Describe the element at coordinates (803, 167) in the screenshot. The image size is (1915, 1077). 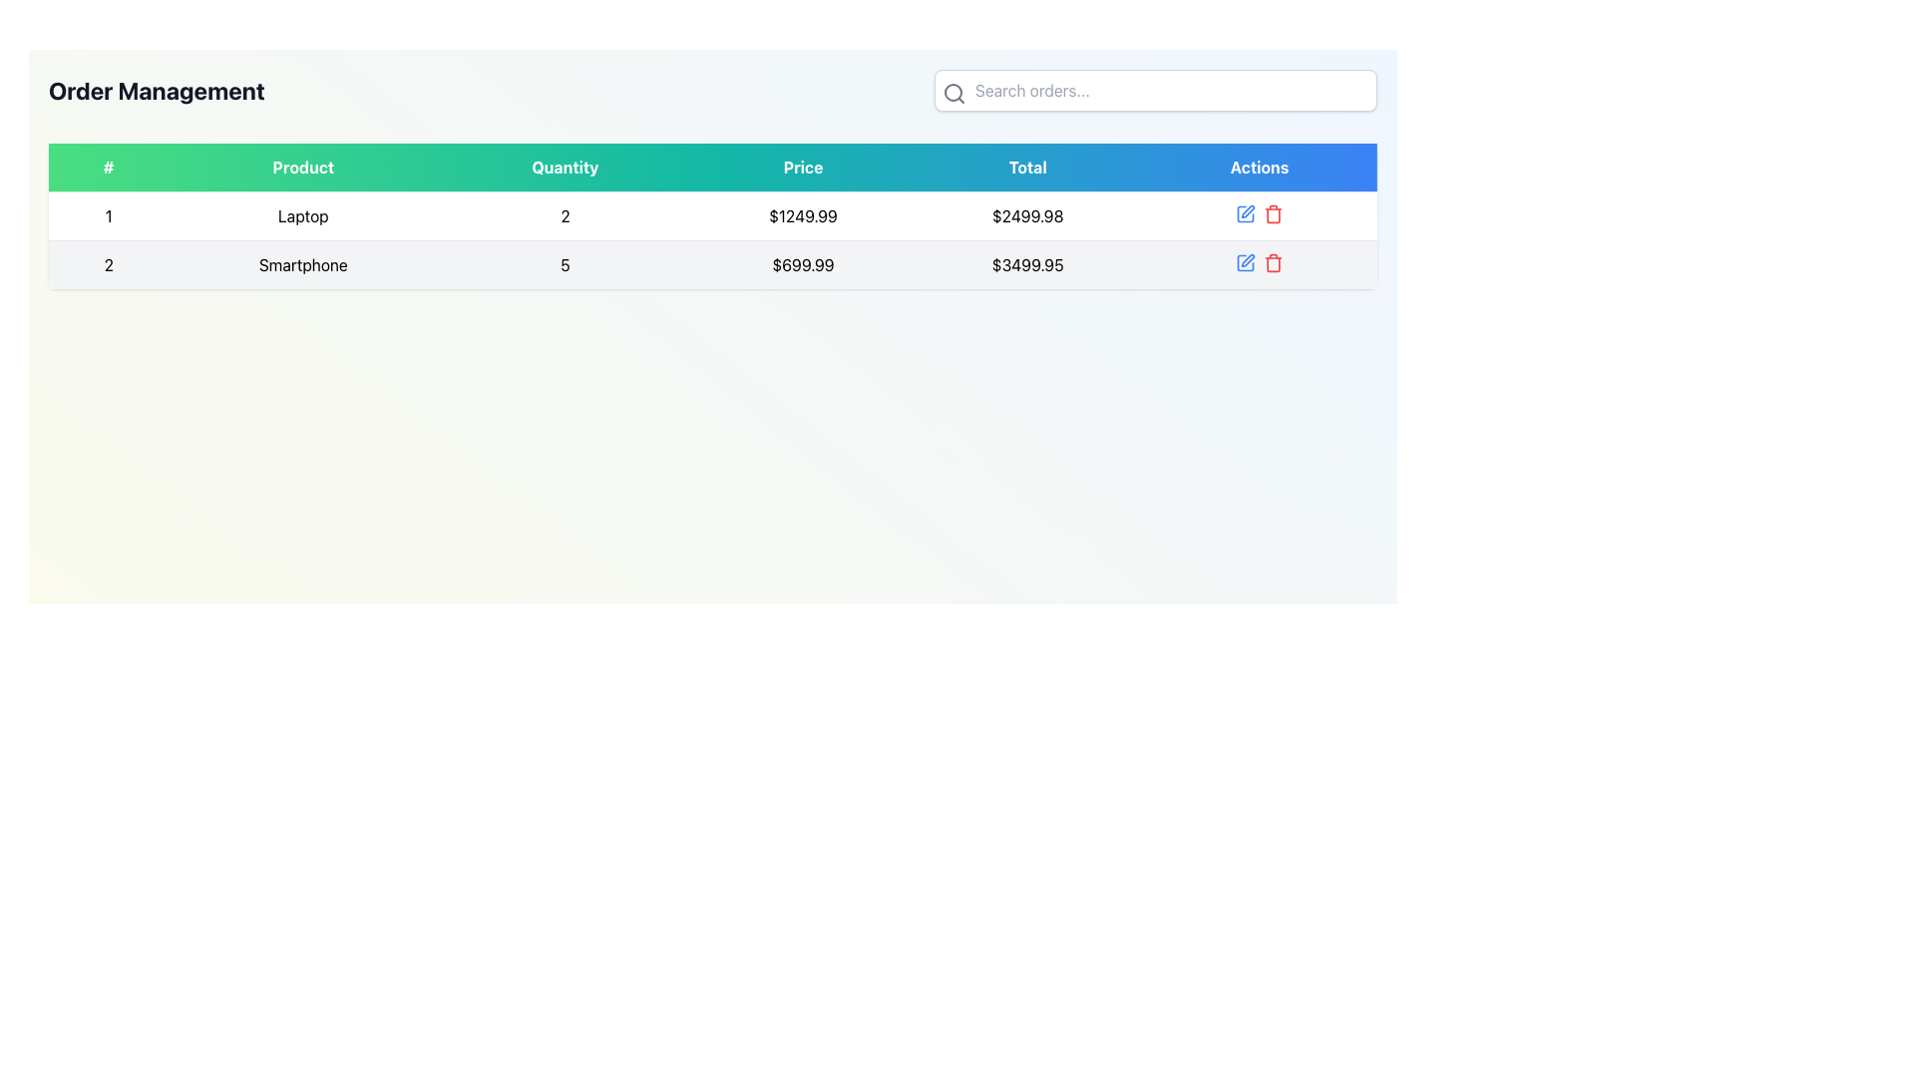
I see `the 'Price' Table Column Header, which is the fourth tab in the header row of the table, positioned between 'Quantity' and 'Total'` at that location.